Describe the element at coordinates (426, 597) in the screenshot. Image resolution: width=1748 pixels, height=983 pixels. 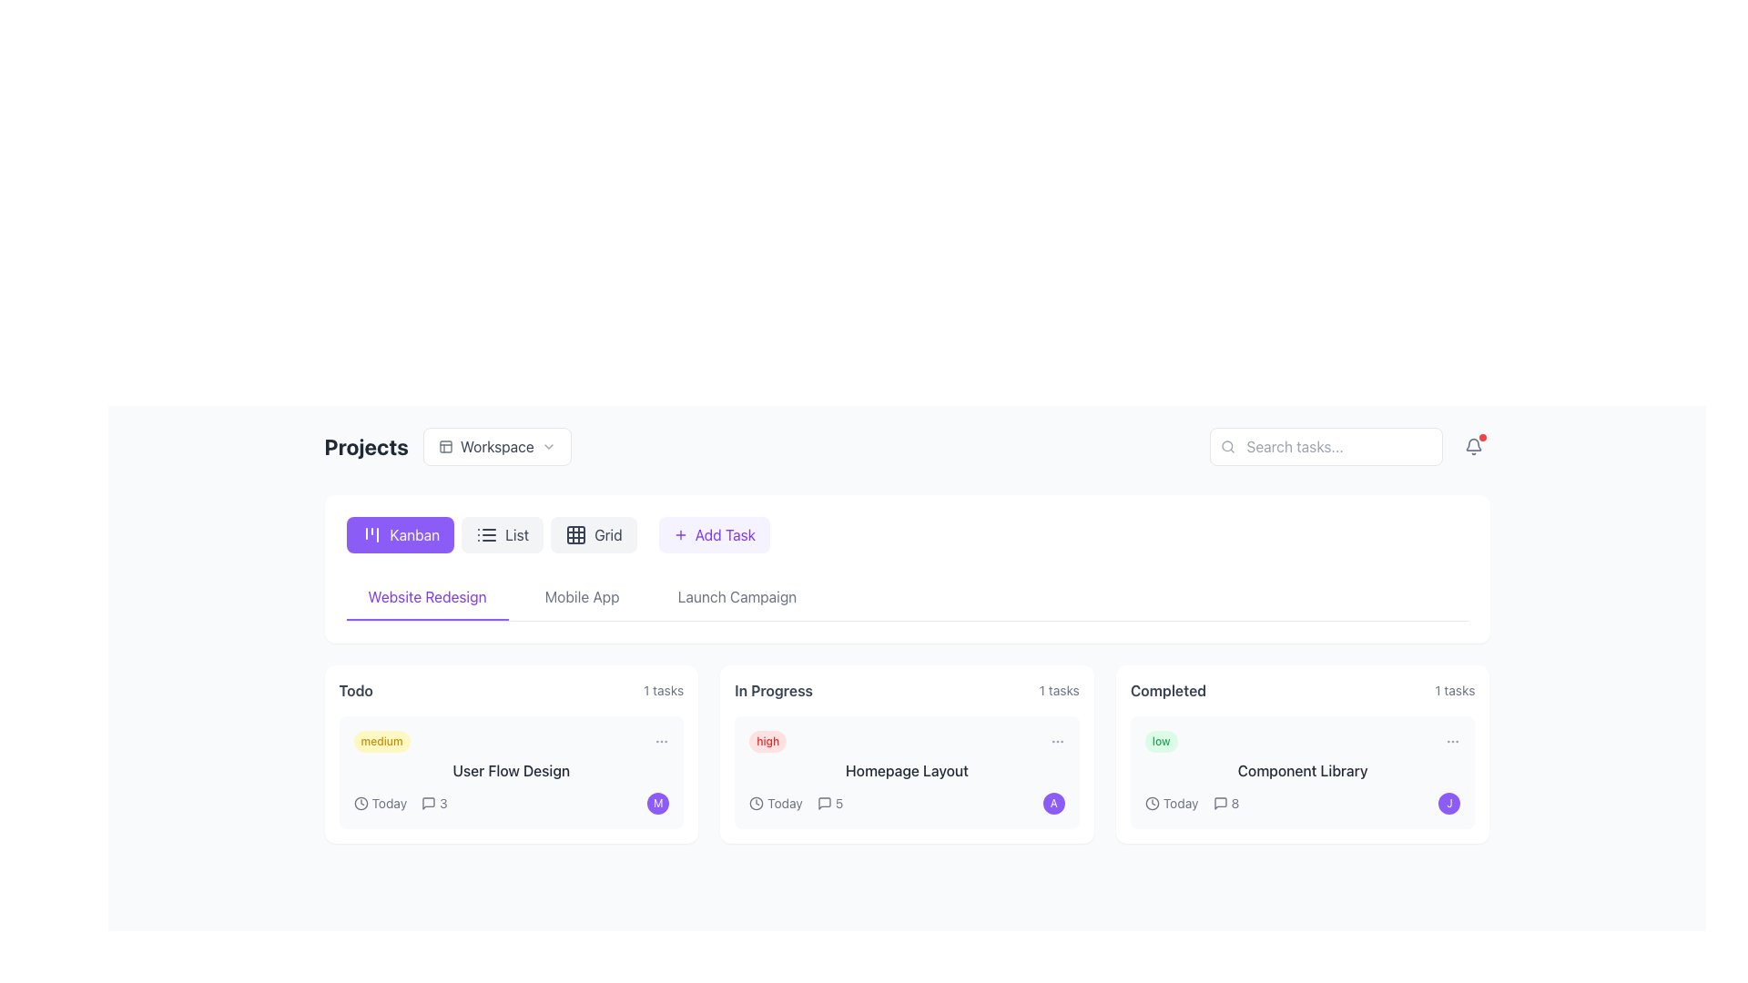
I see `the first navigation link in the horizontal navigation bar that directs to 'Website Redesign'` at that location.